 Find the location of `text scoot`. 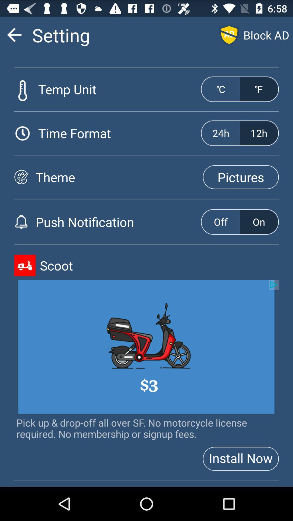

text scoot is located at coordinates (159, 265).